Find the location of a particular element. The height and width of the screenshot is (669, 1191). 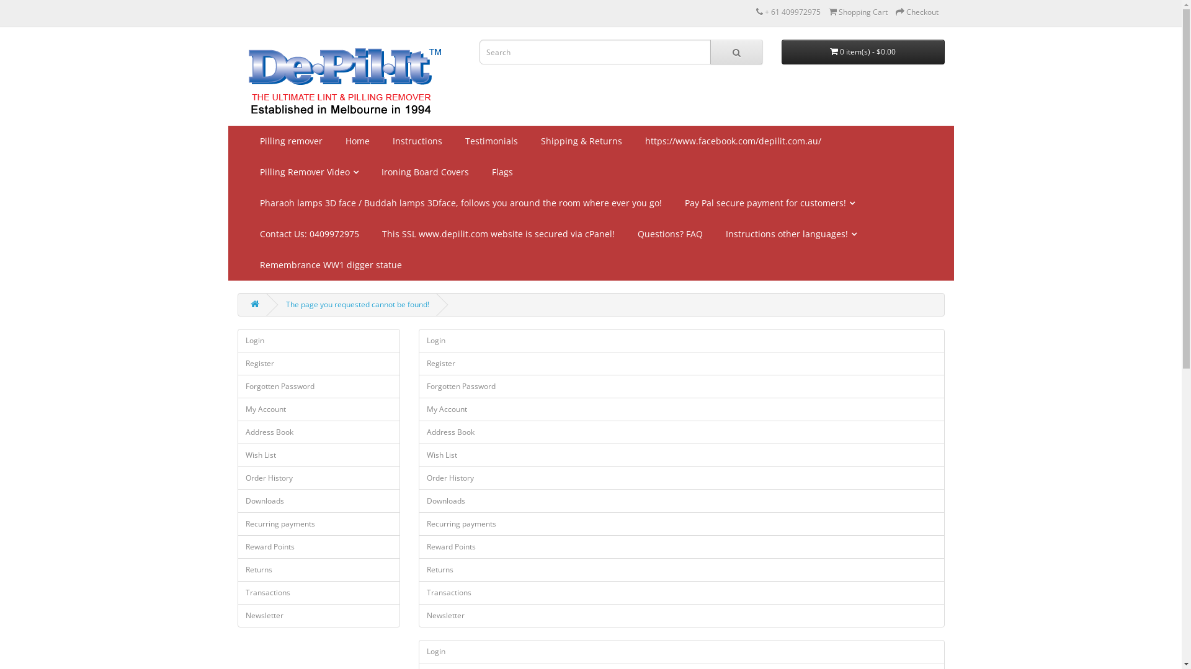

'Testimonials' is located at coordinates (488, 140).